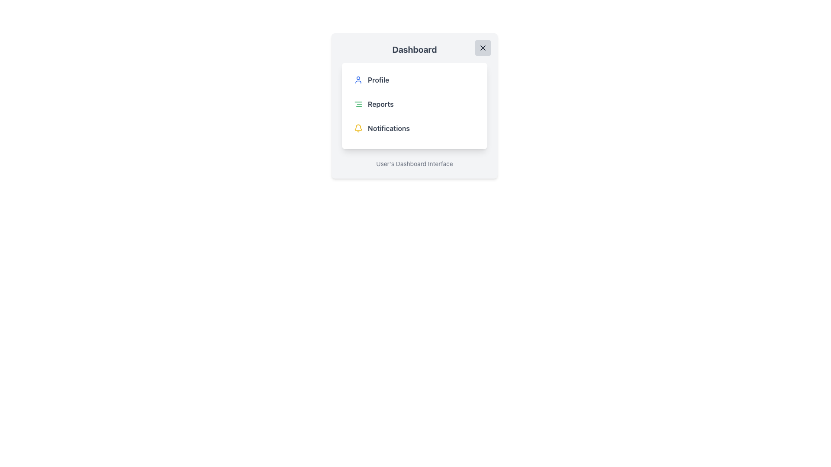 This screenshot has height=467, width=831. I want to click on the text display element that prominently shows the word 'Dashboard' in bold, large gray font at the top-center of its card-like interface panel, so click(414, 50).